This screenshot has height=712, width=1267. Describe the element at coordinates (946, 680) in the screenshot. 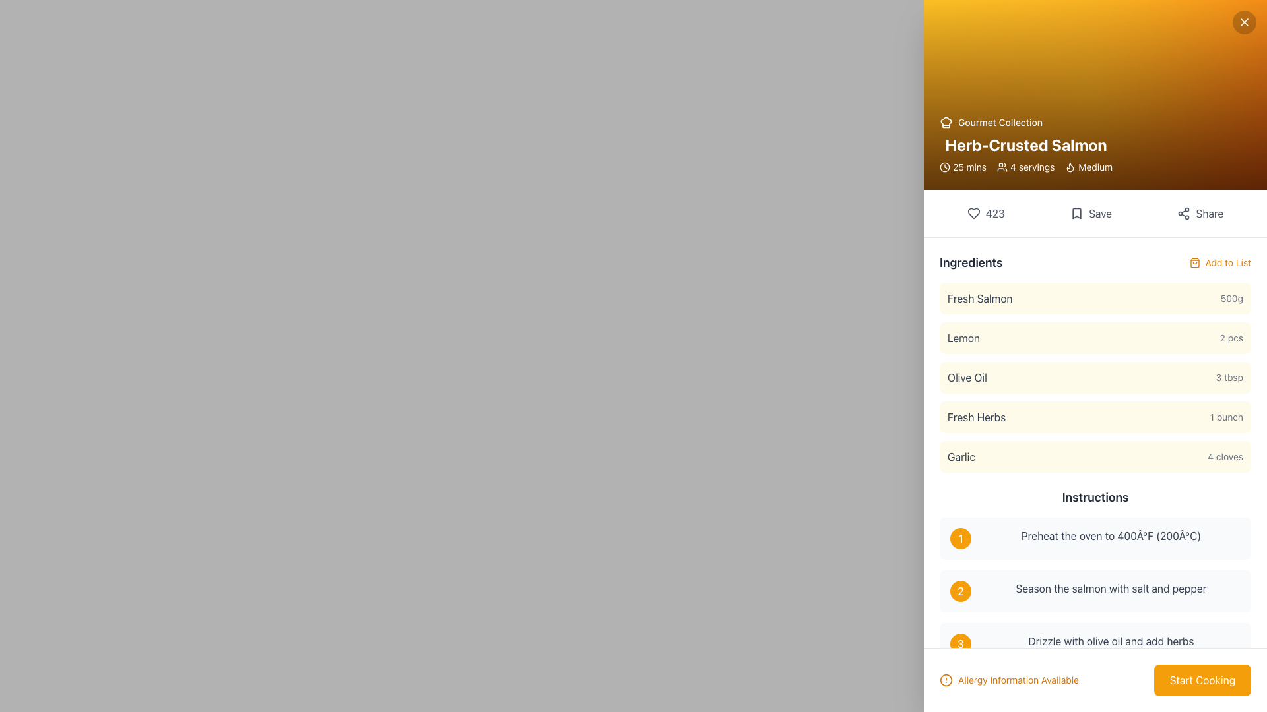

I see `the allergy information icon located on the left side of the footer section, next to the text 'Allergy Information Available'` at that location.